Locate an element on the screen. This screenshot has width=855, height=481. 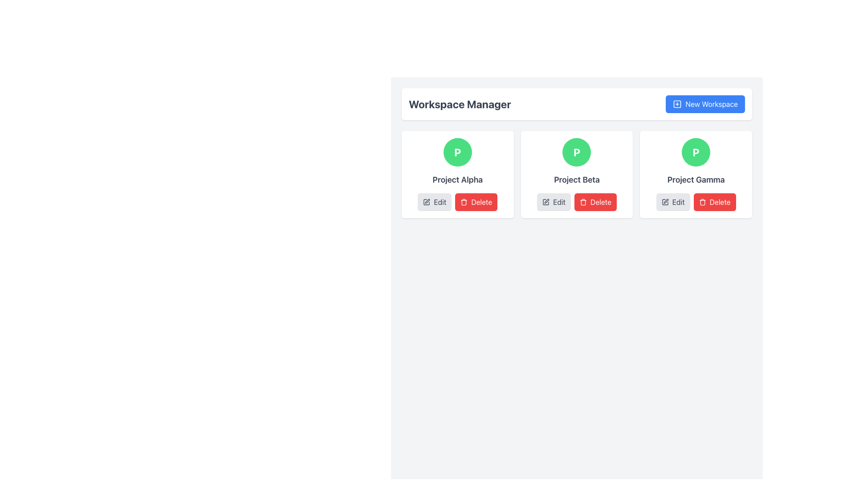
the 'Edit' button with a rounded gray background and a pencil icon is located at coordinates (435, 202).